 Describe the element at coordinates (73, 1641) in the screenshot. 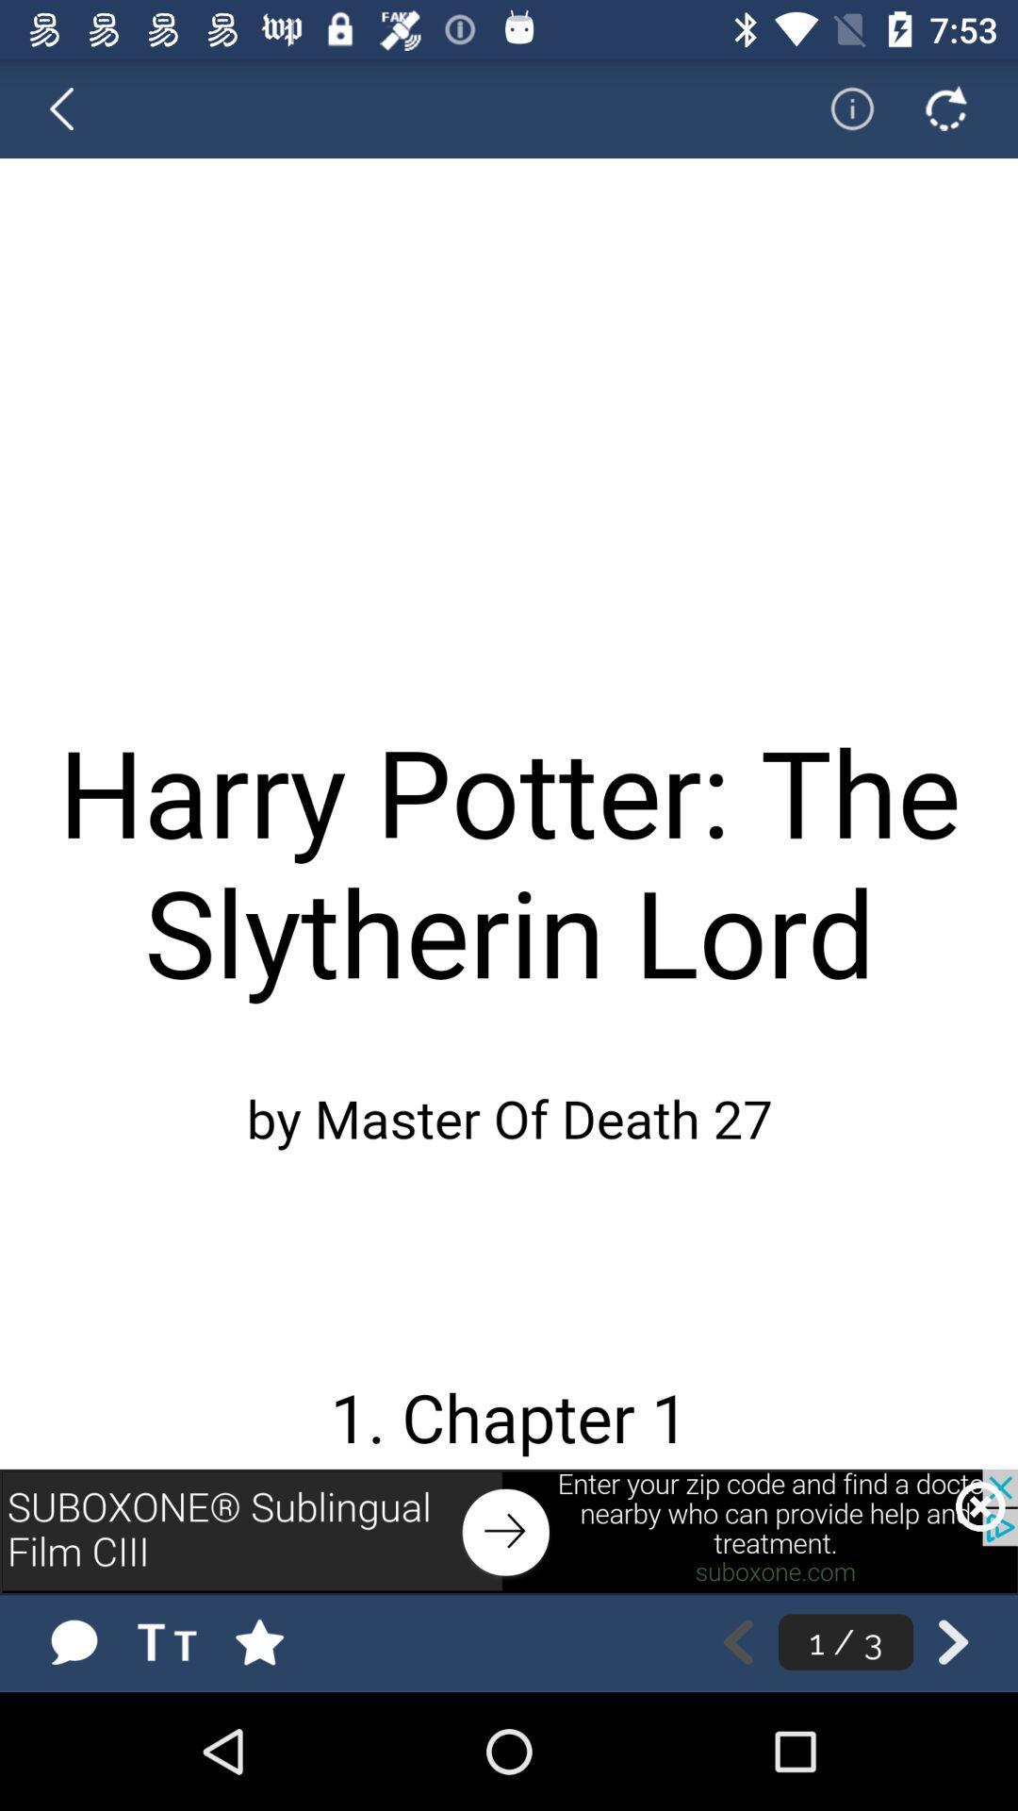

I see `the chat icon` at that location.